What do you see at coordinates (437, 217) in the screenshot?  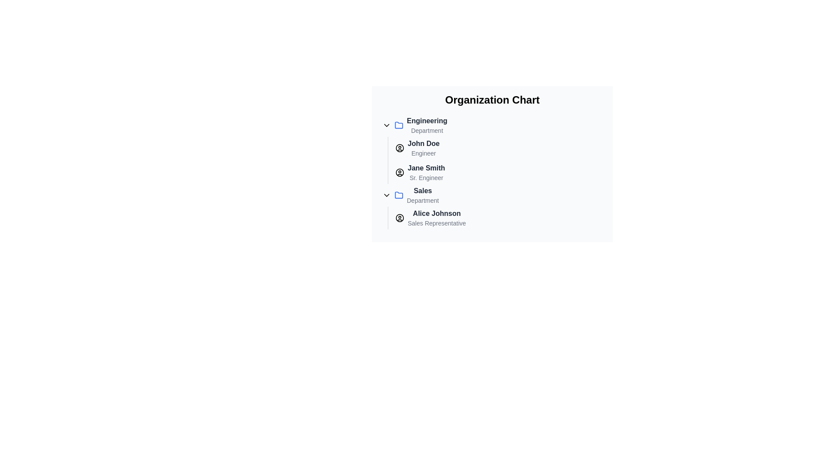 I see `the Text label displaying the name 'Alice Johnson' and title 'Sales Representative' in the 'Sales' section of the organization chart` at bounding box center [437, 217].